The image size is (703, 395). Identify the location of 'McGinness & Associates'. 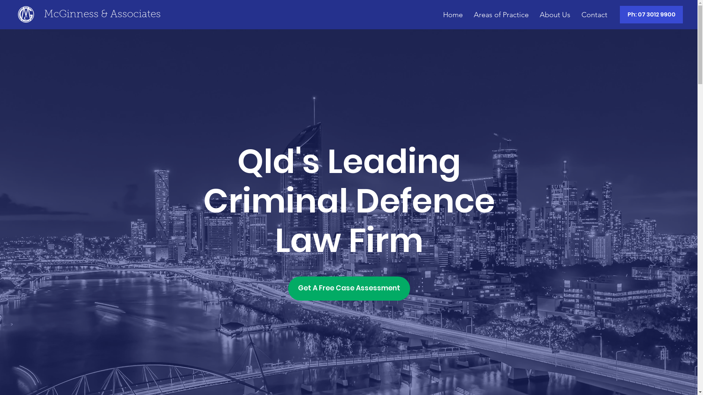
(102, 14).